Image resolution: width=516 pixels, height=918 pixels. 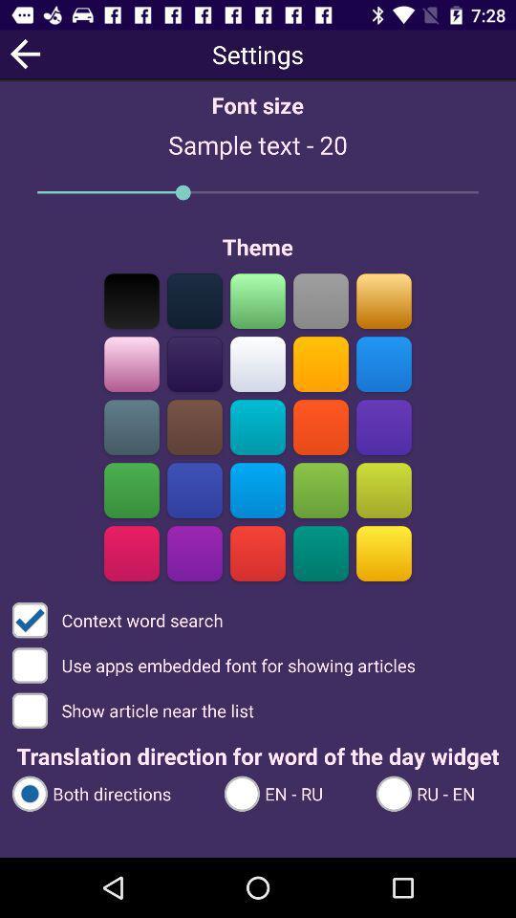 What do you see at coordinates (131, 426) in the screenshot?
I see `color` at bounding box center [131, 426].